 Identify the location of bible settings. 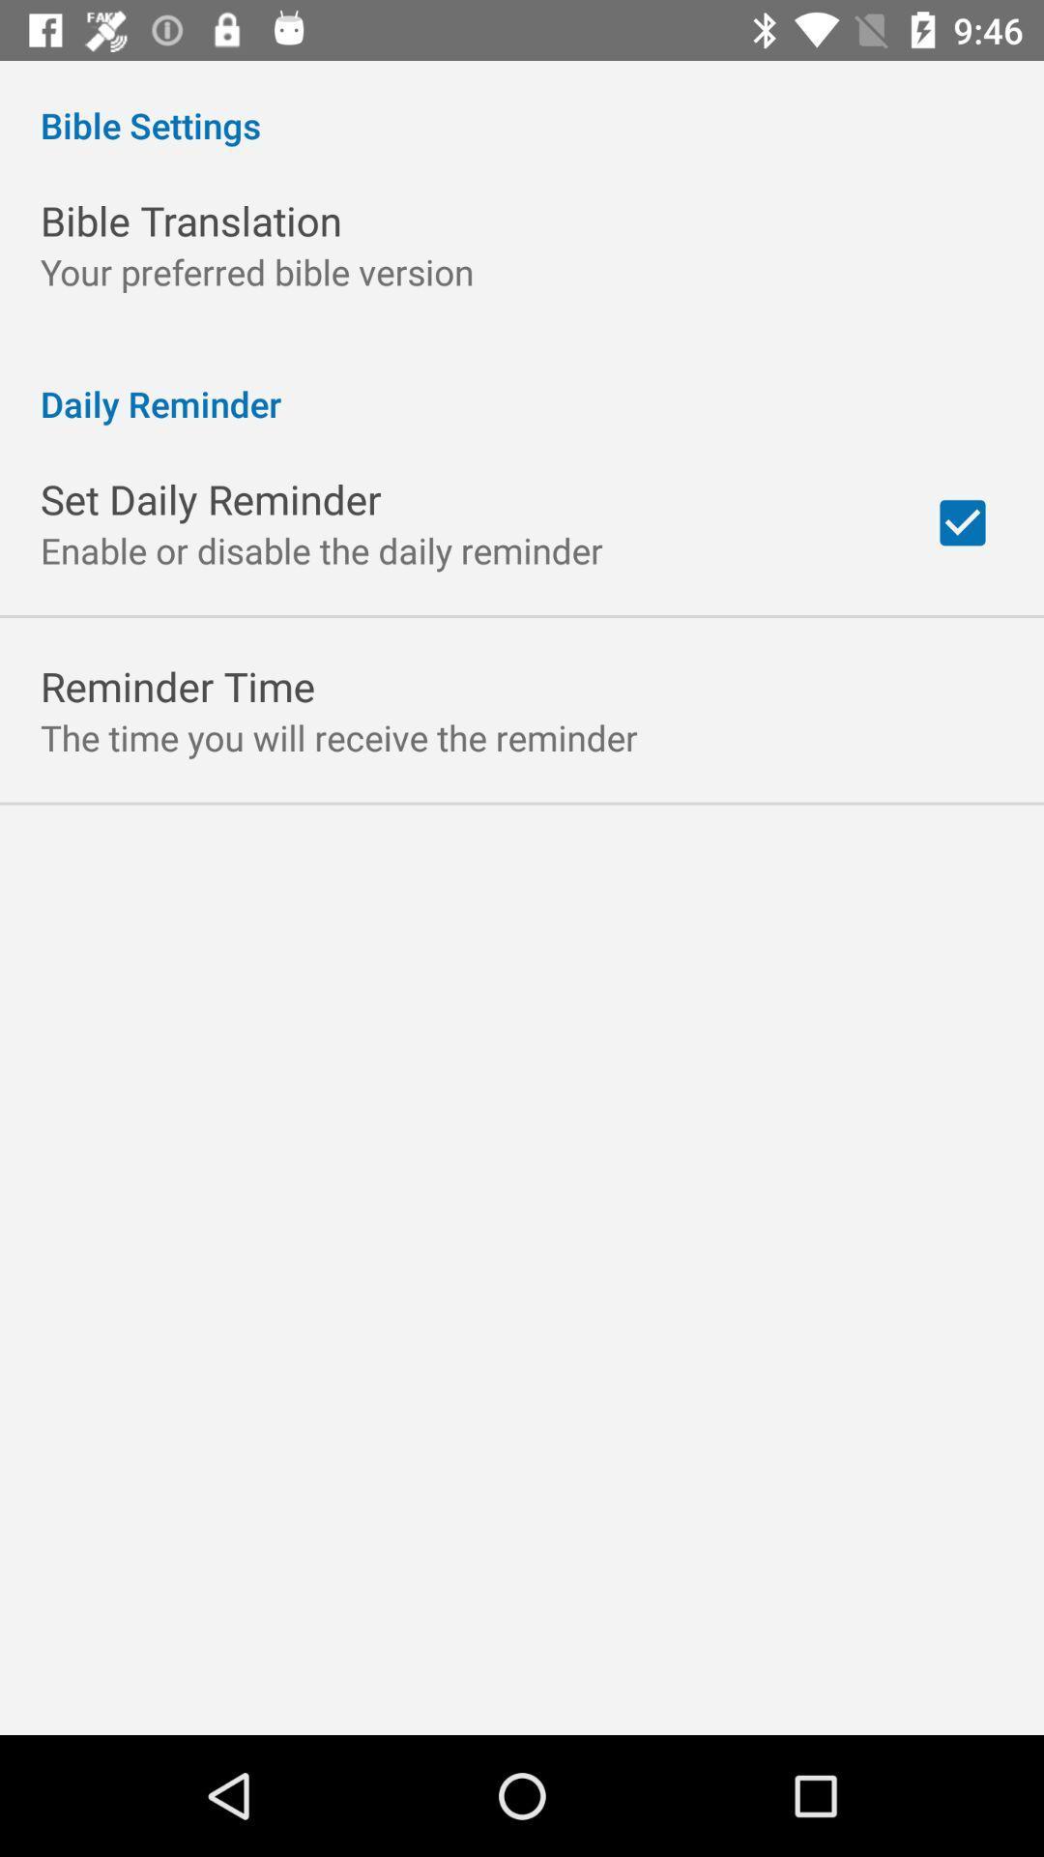
(522, 103).